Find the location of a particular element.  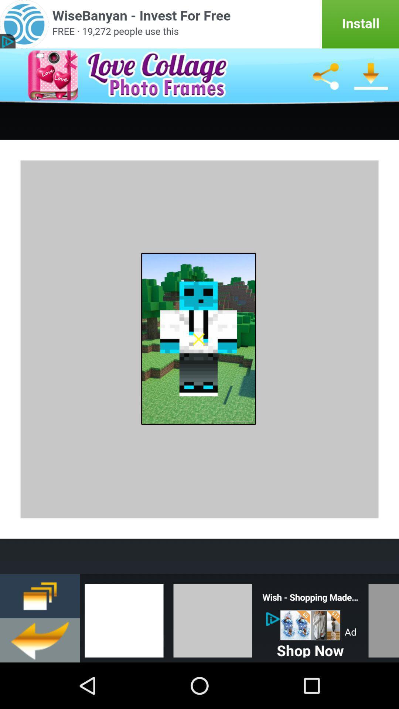

back is located at coordinates (40, 640).